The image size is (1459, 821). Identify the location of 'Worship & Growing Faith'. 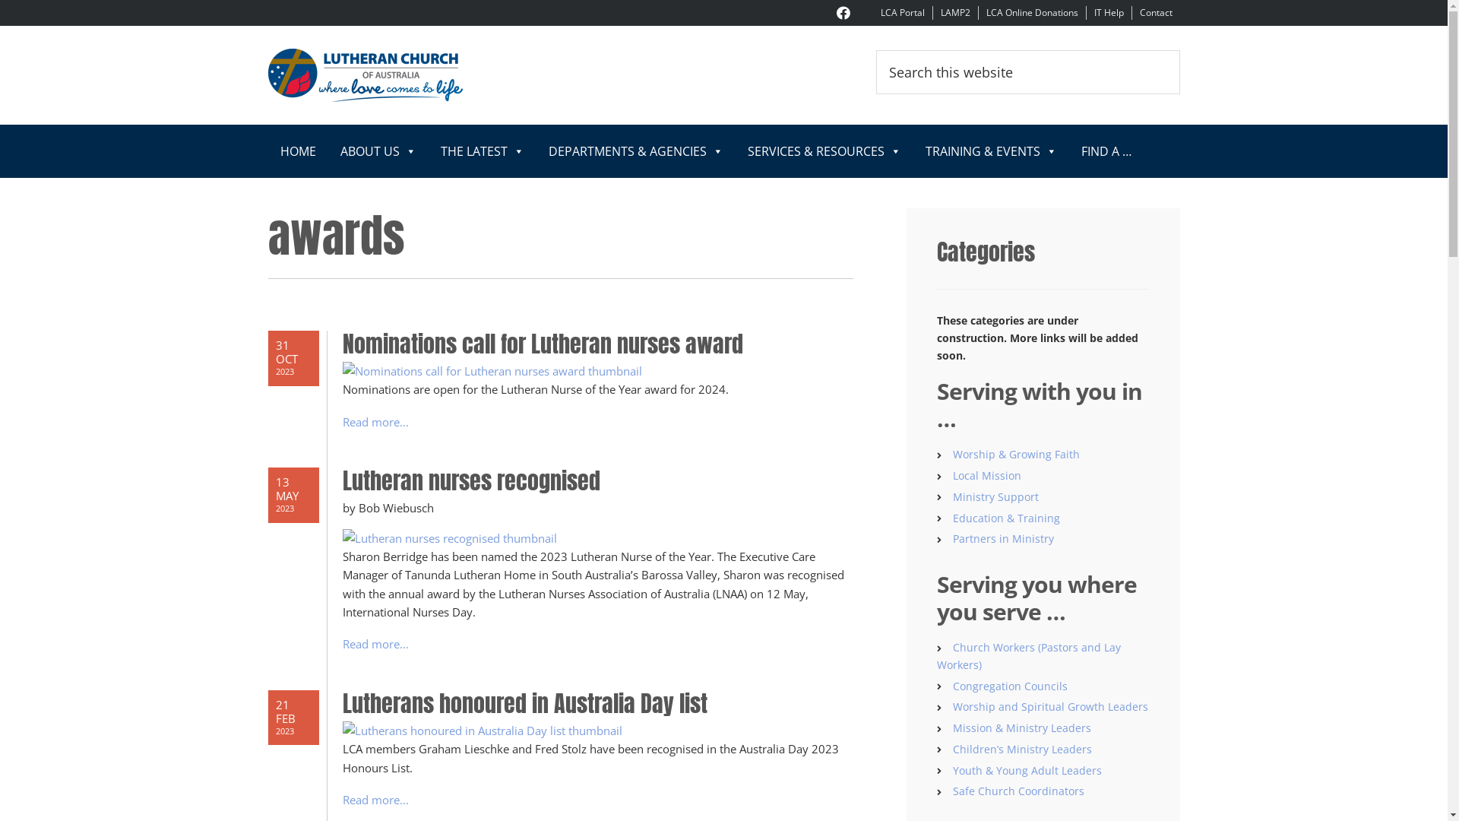
(1016, 453).